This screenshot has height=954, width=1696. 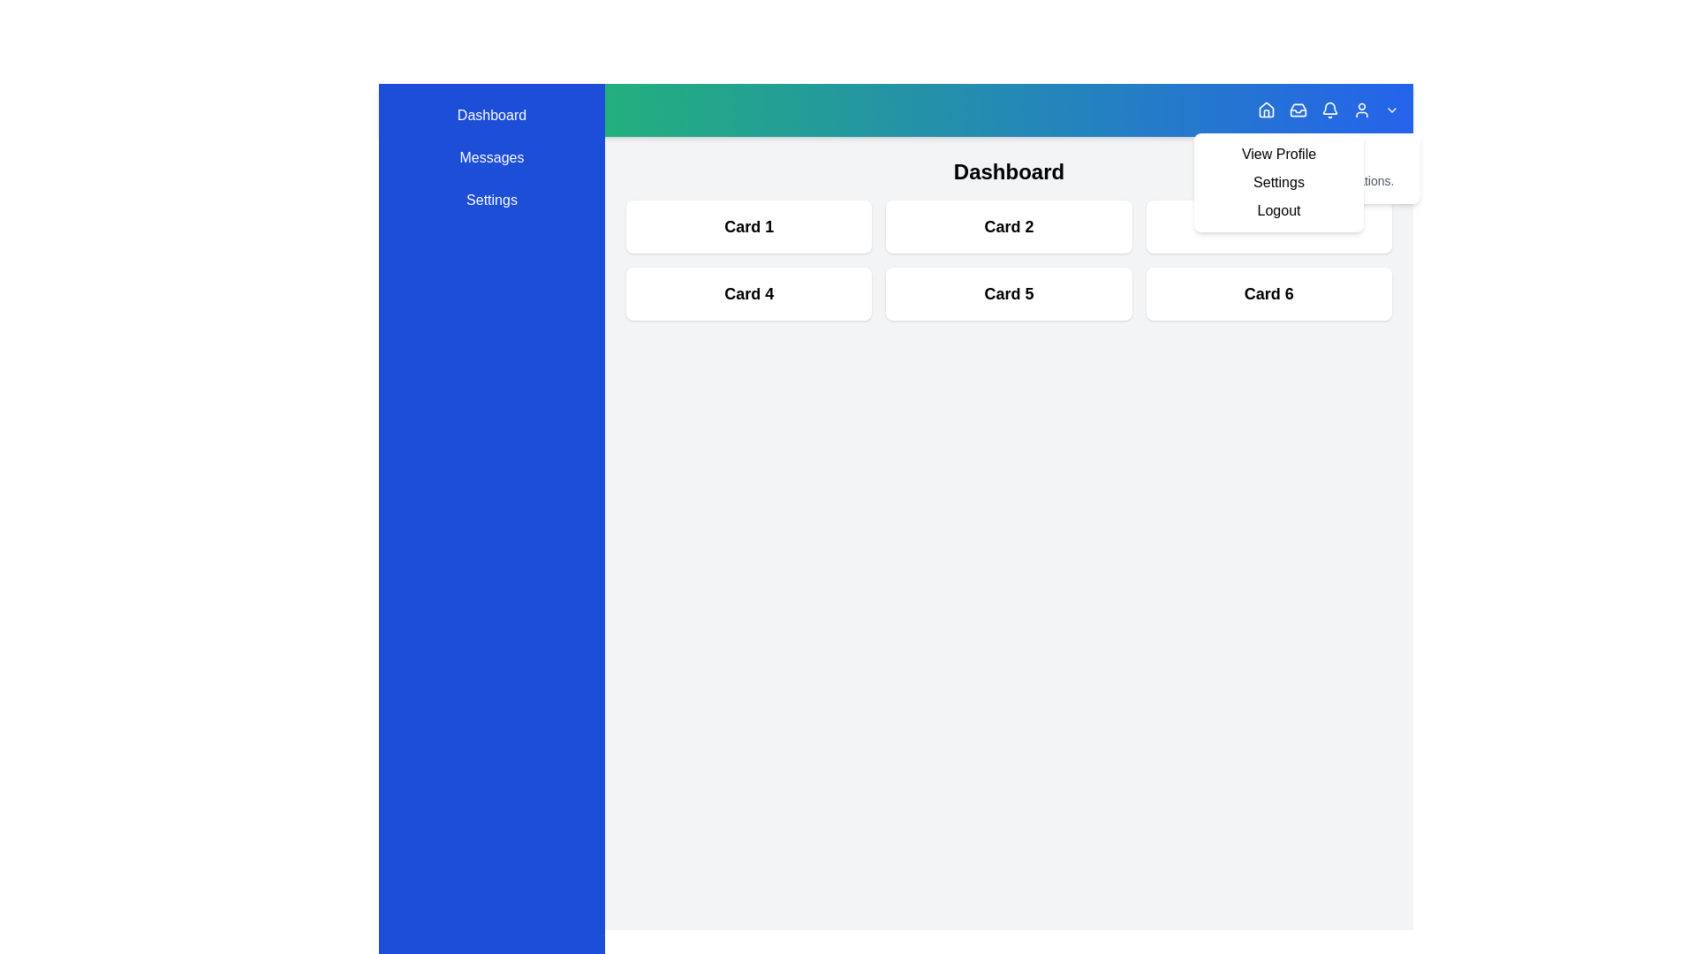 What do you see at coordinates (1279, 210) in the screenshot?
I see `the 'Logout' button in the dropdown menu to trigger hover feedback` at bounding box center [1279, 210].